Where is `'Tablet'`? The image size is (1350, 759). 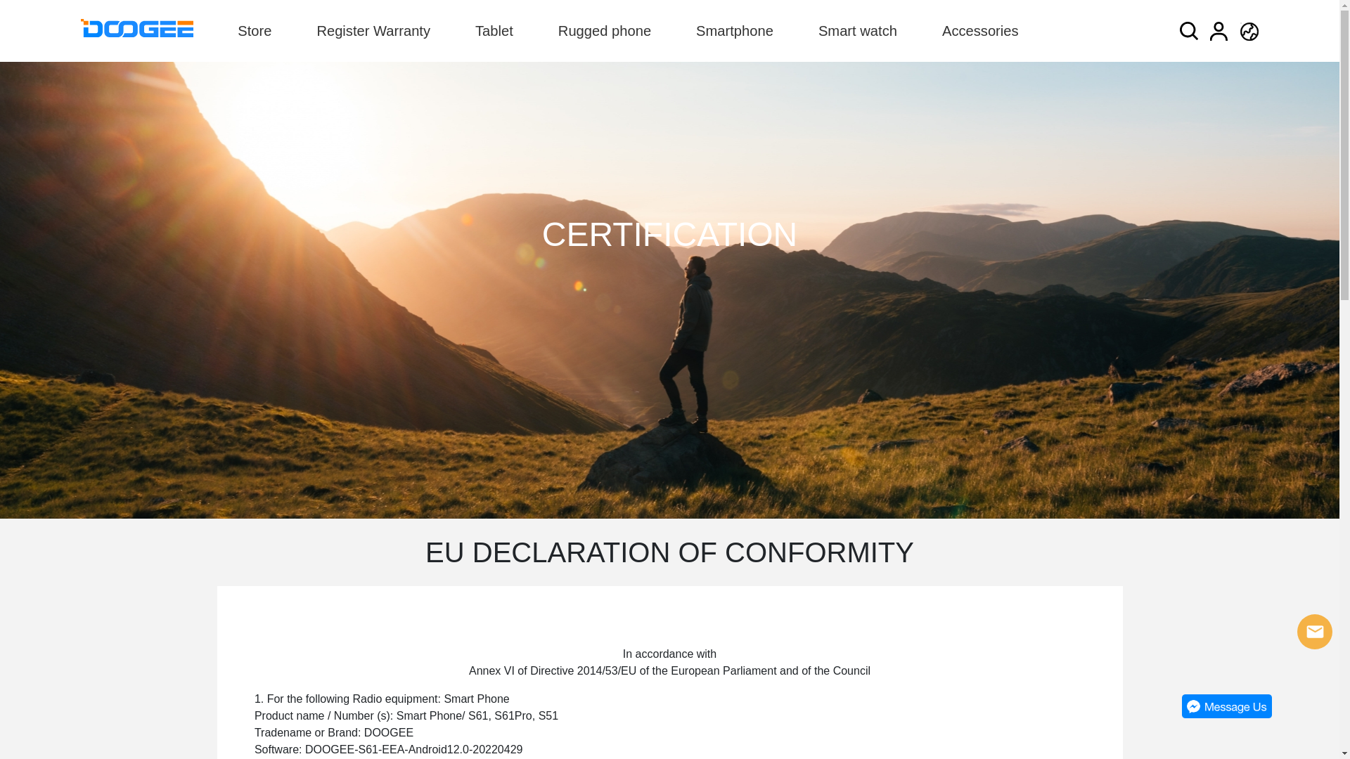 'Tablet' is located at coordinates (494, 30).